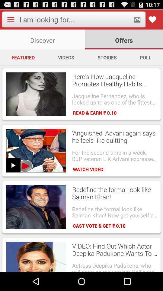  What do you see at coordinates (11, 19) in the screenshot?
I see `menu options` at bounding box center [11, 19].